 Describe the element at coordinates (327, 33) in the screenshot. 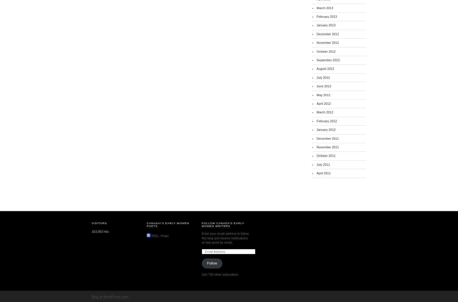

I see `'December 2012'` at that location.